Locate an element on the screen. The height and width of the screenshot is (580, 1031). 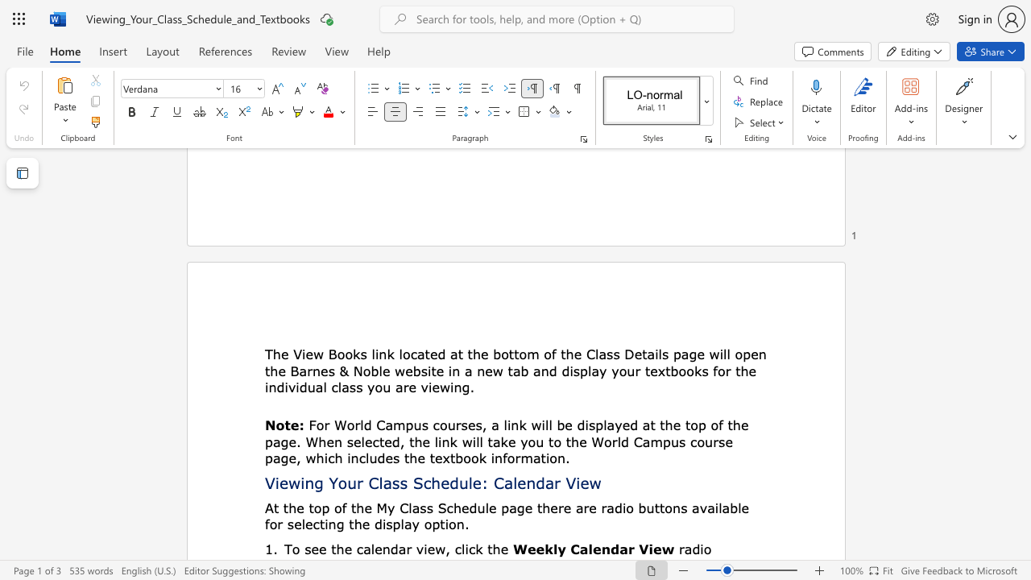
the subset text "tab and display yo" within the text "at the bottom of the Class Details page will open the Barnes & Noble website in a new tab and display your textbooks for the individual class you are viewing." is located at coordinates (507, 371).